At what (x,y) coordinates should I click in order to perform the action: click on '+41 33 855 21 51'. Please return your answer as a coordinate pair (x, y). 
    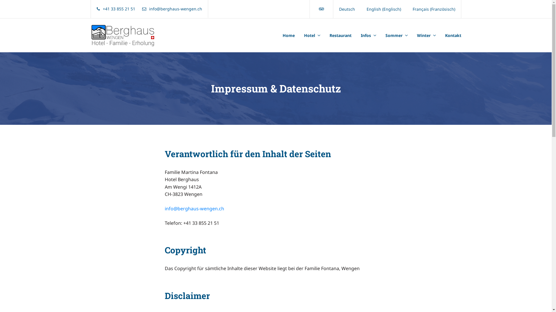
    Looking at the image, I should click on (116, 9).